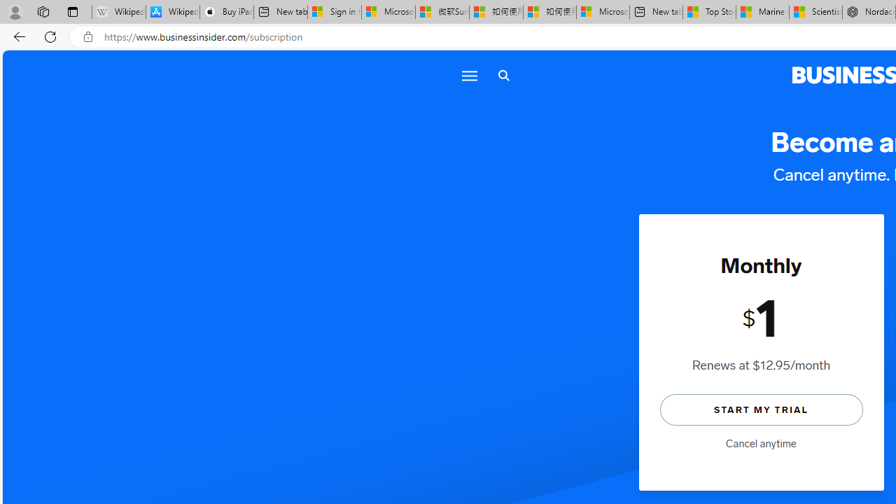 Image resolution: width=896 pixels, height=504 pixels. I want to click on 'Sign in to your Microsoft account', so click(334, 12).